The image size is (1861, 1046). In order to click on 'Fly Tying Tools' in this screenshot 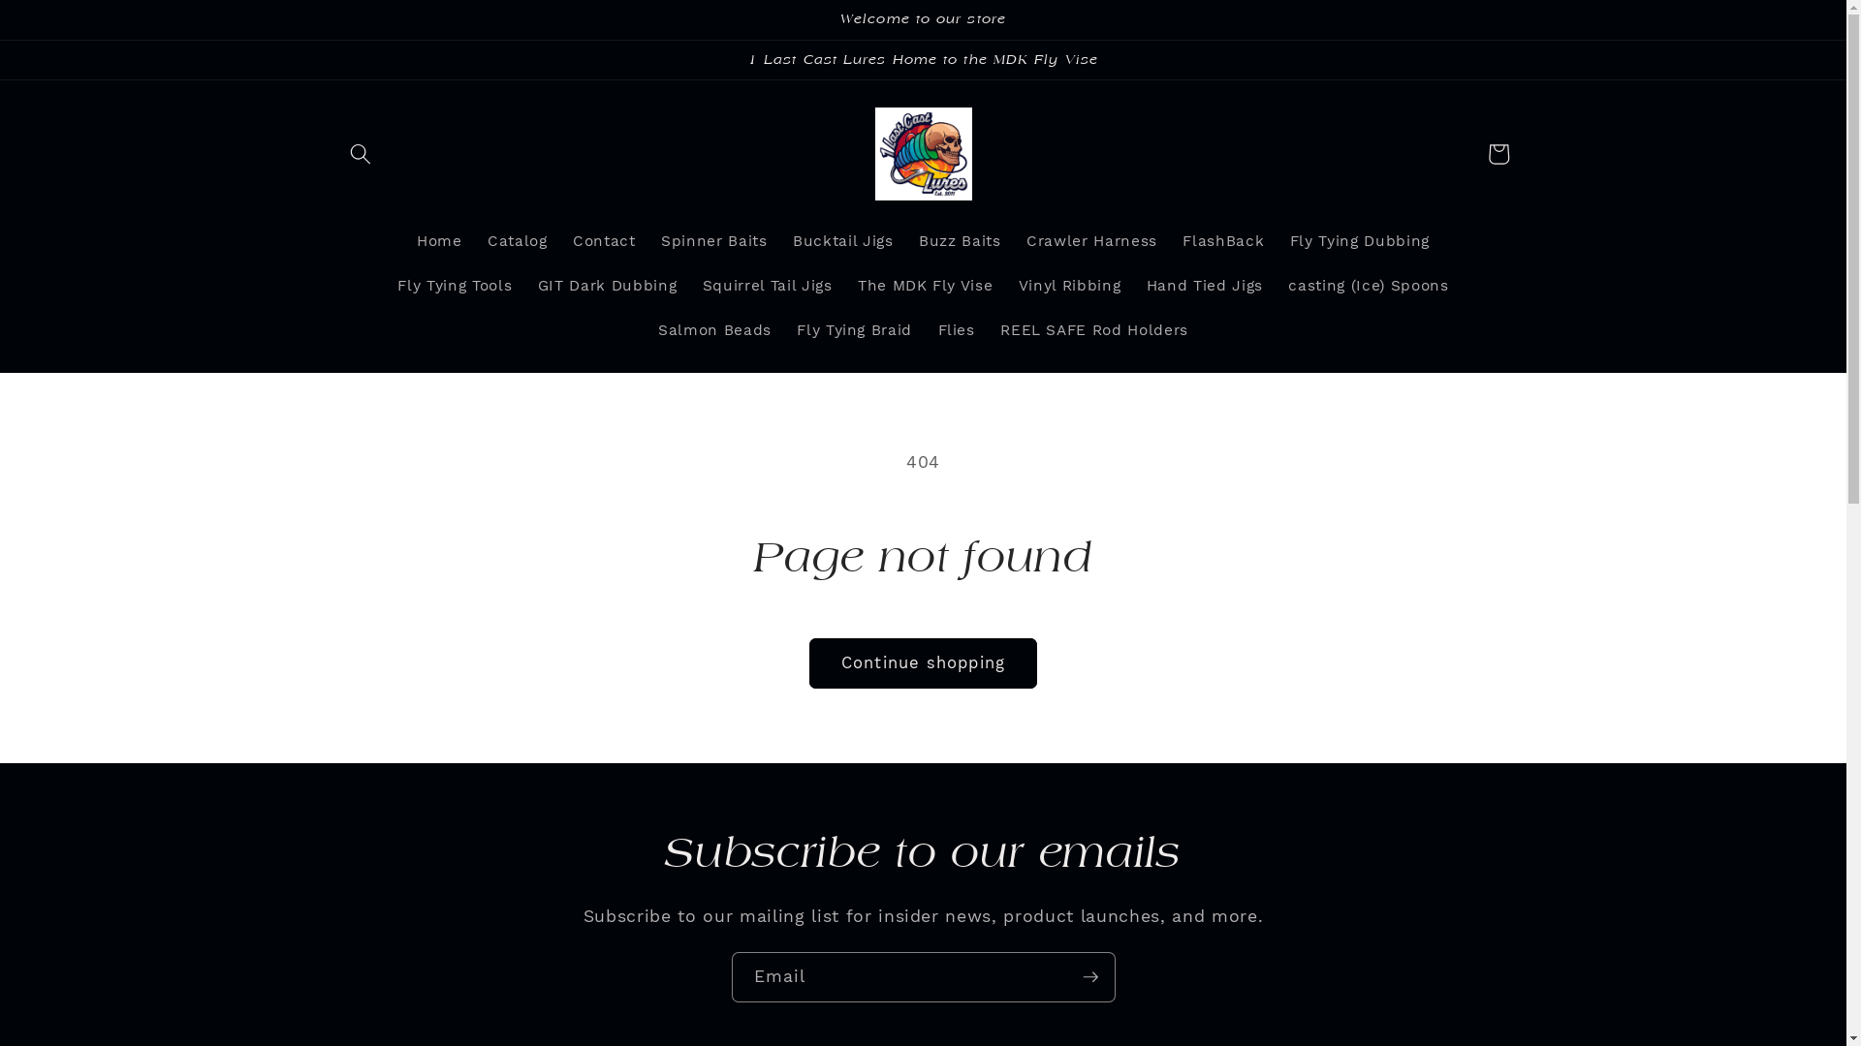, I will do `click(454, 287)`.